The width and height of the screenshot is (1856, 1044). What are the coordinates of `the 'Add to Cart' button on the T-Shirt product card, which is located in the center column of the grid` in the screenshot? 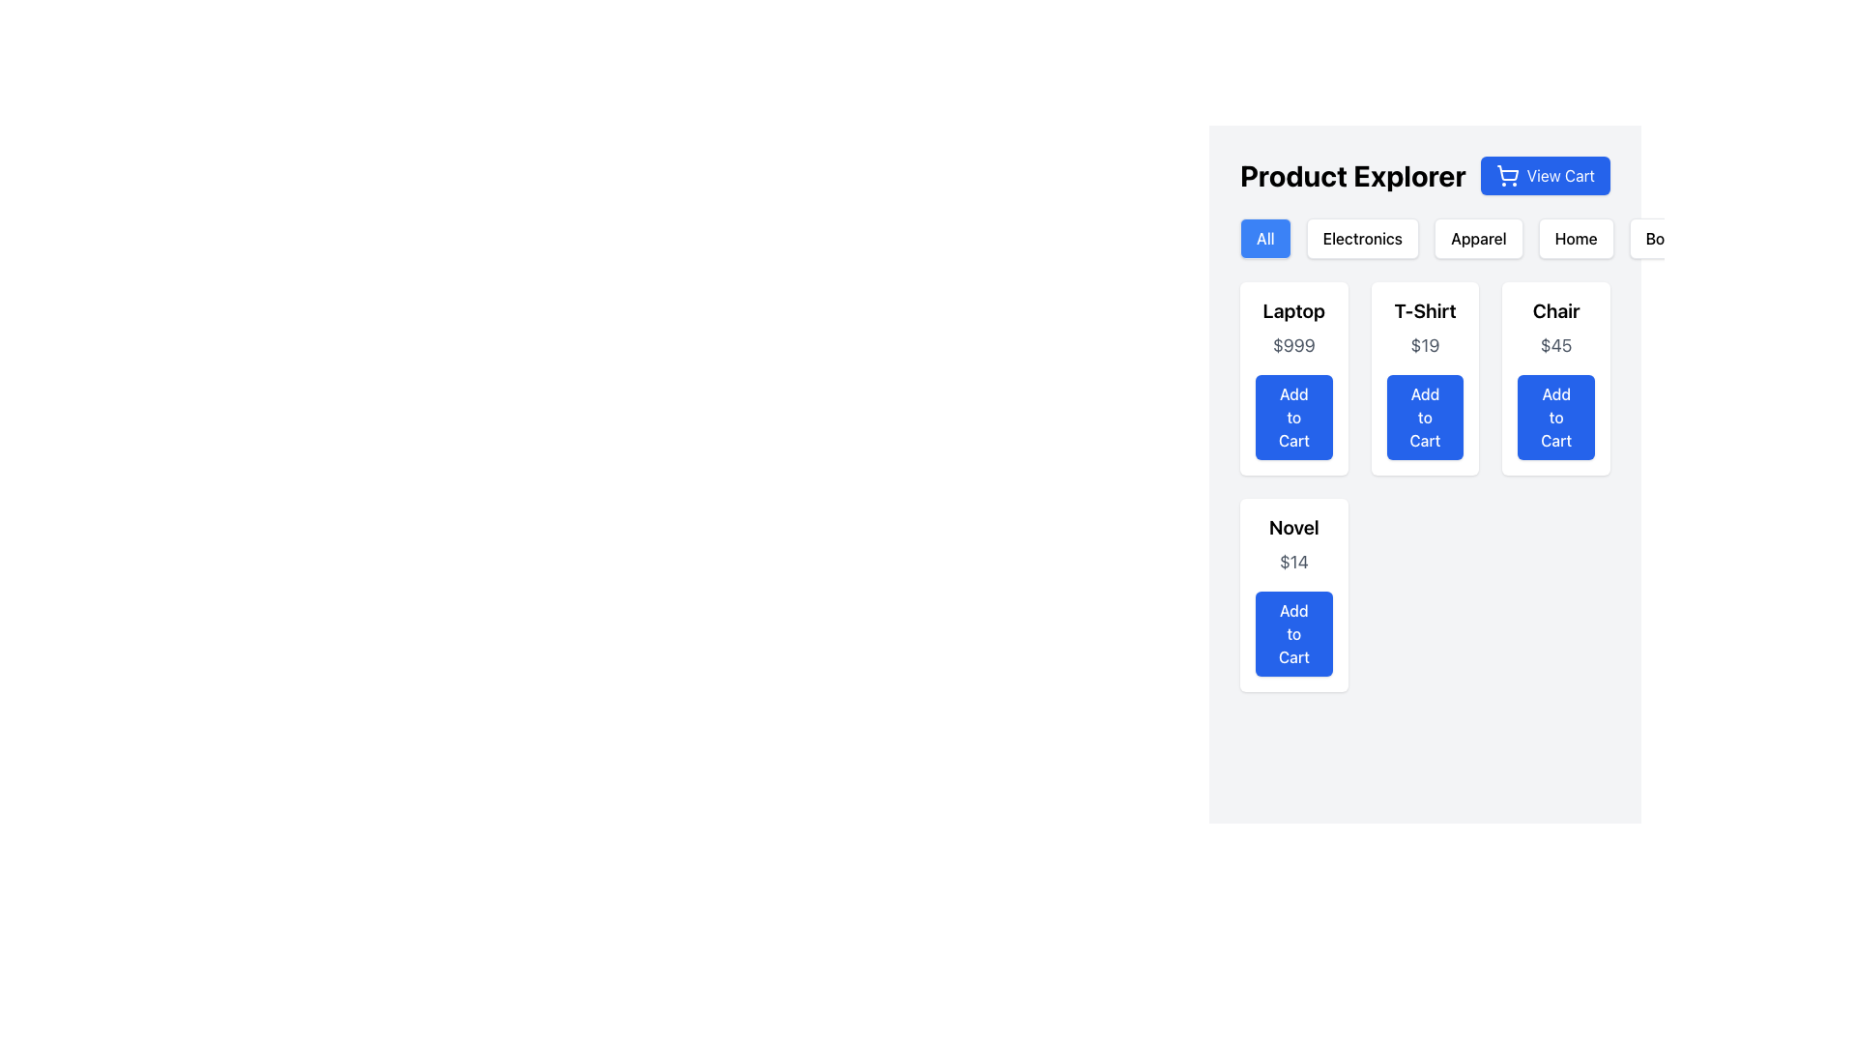 It's located at (1424, 379).